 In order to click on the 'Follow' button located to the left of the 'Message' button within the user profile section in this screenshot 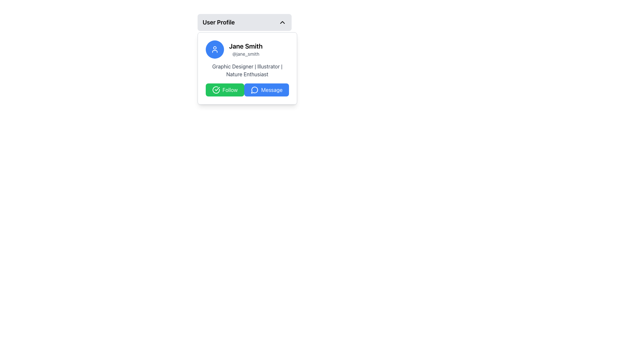, I will do `click(225, 90)`.